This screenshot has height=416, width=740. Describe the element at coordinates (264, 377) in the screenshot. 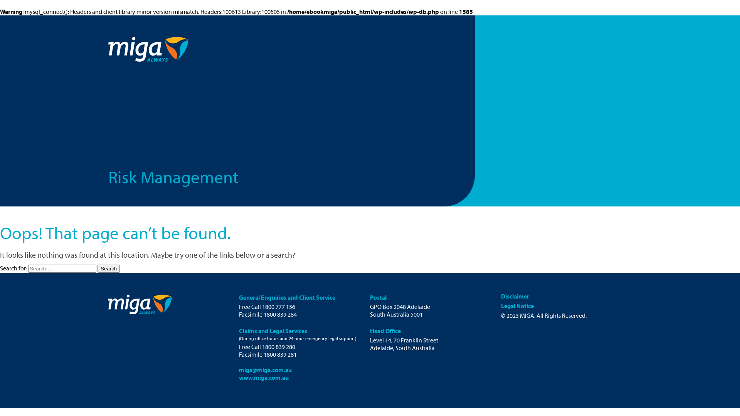

I see `'www.miga.com.au'` at that location.